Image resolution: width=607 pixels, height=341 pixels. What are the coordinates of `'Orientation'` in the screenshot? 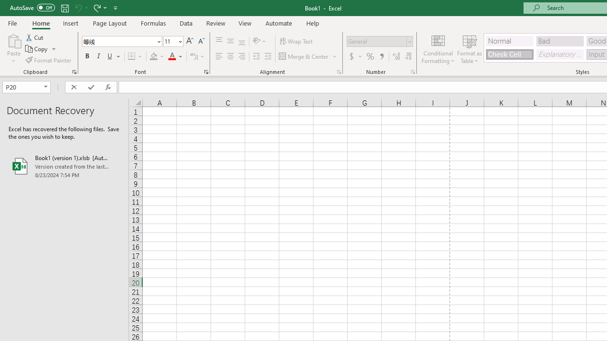 It's located at (259, 41).